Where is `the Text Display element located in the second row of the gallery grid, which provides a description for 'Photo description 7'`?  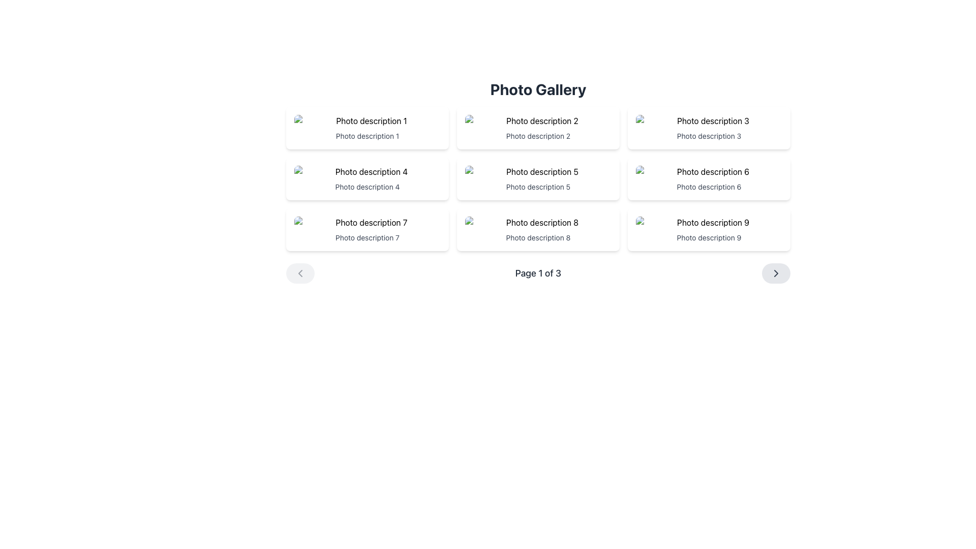 the Text Display element located in the second row of the gallery grid, which provides a description for 'Photo description 7' is located at coordinates (367, 237).